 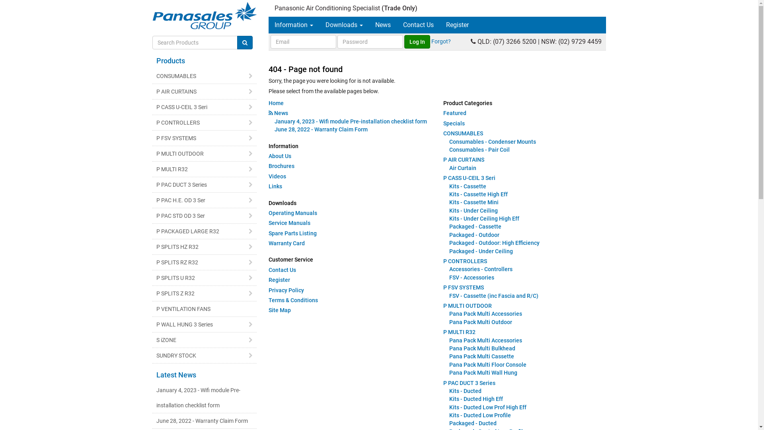 I want to click on 'P SPLITS HZ R32', so click(x=204, y=246).